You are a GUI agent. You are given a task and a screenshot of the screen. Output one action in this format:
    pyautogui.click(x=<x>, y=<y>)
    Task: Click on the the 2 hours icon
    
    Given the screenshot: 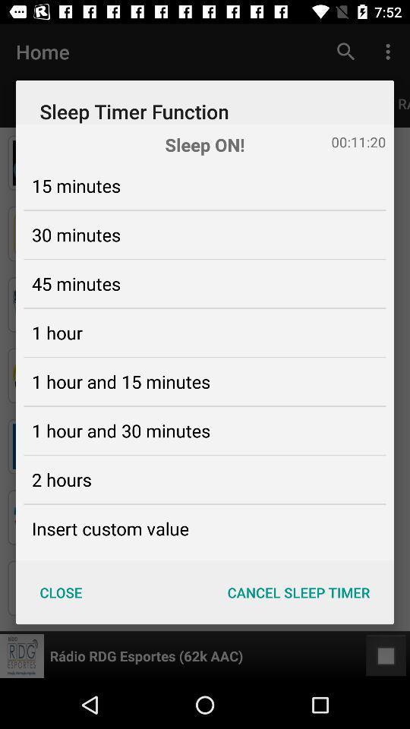 What is the action you would take?
    pyautogui.click(x=61, y=478)
    